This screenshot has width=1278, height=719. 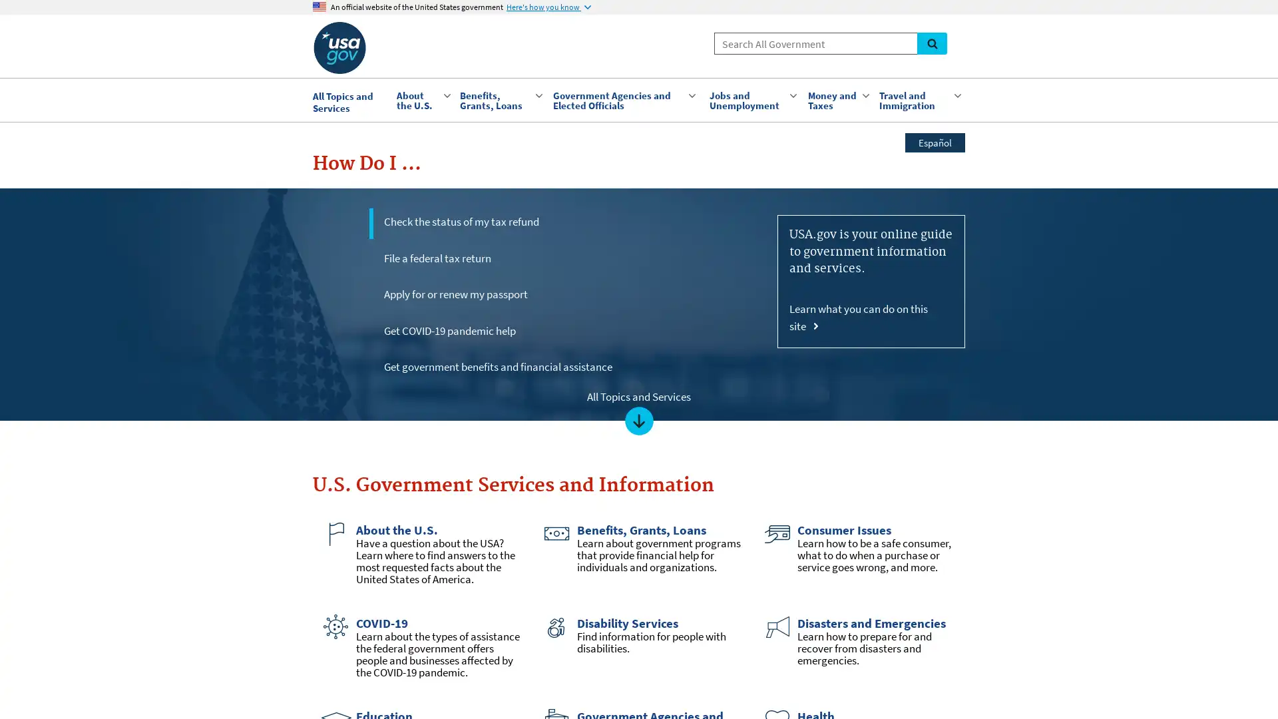 I want to click on About the U.S., so click(x=421, y=99).